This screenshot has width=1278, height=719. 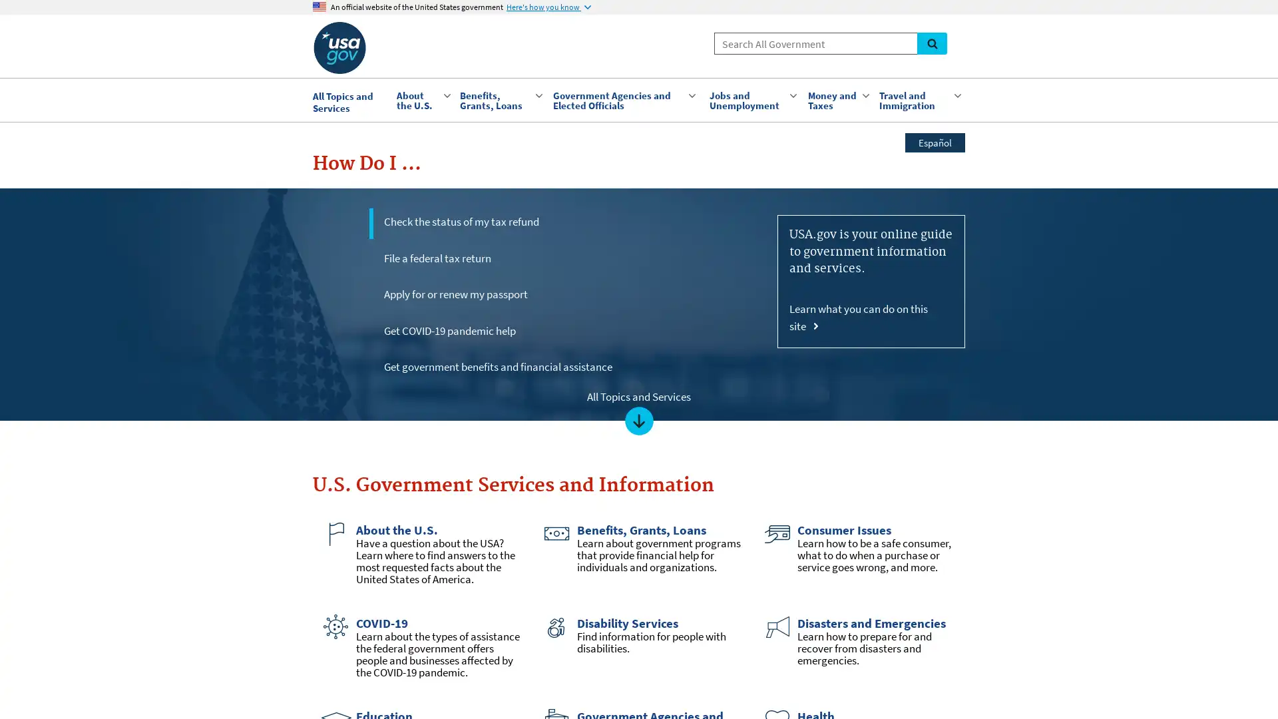 I want to click on About the U.S., so click(x=421, y=99).